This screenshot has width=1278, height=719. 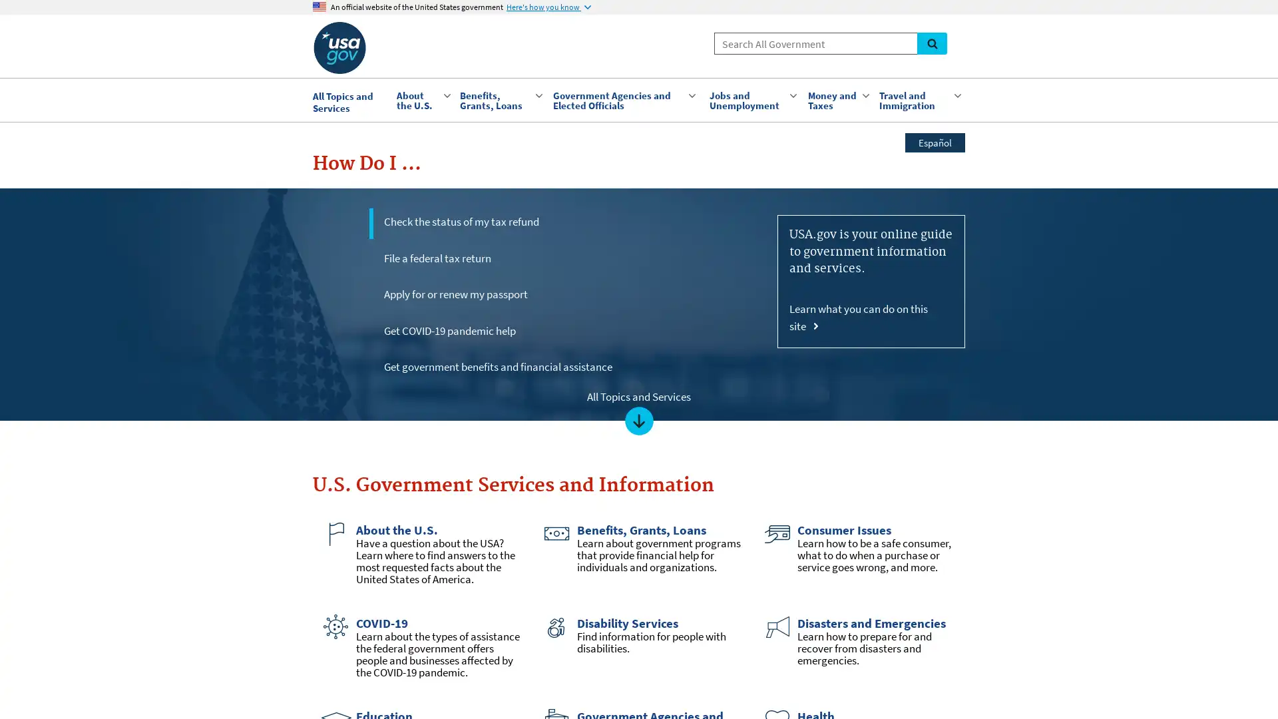 I want to click on About the U.S., so click(x=421, y=99).